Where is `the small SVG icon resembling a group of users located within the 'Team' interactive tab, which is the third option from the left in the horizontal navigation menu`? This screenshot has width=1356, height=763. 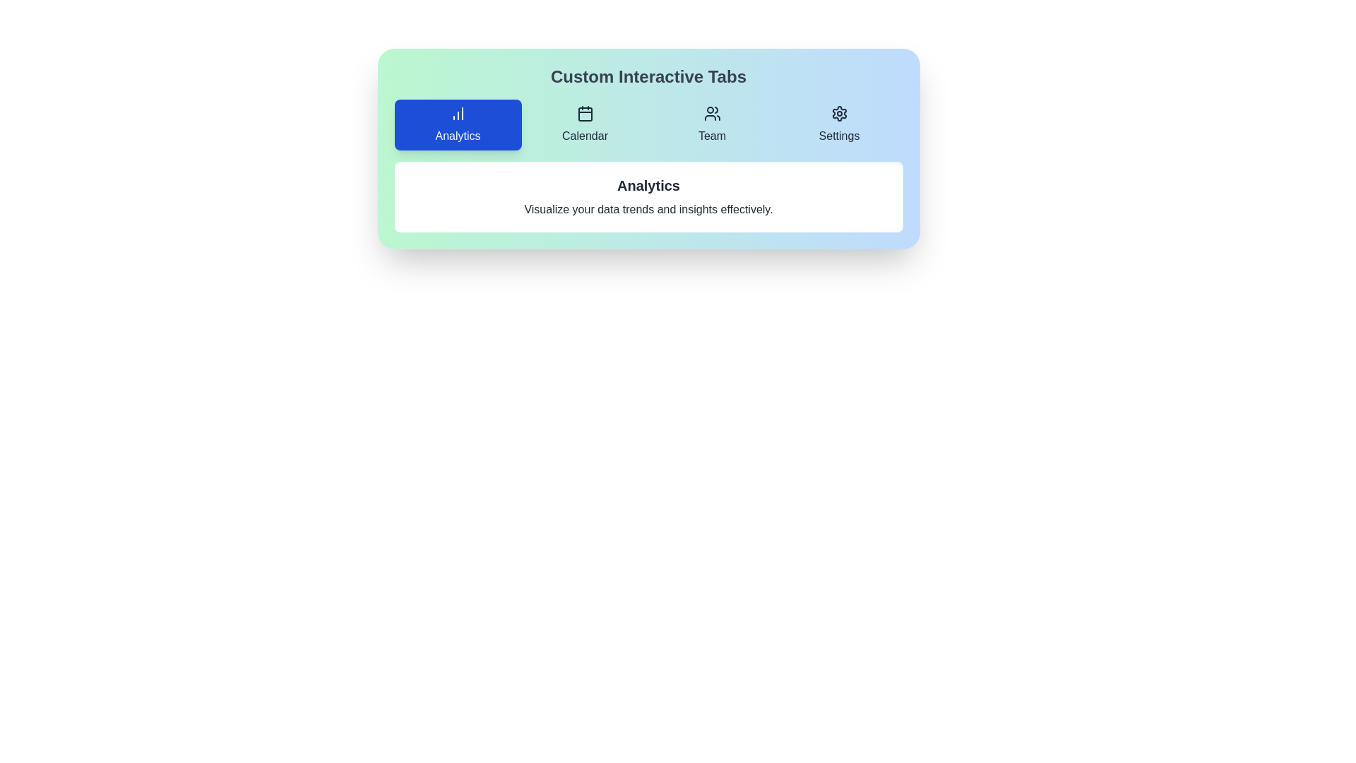 the small SVG icon resembling a group of users located within the 'Team' interactive tab, which is the third option from the left in the horizontal navigation menu is located at coordinates (712, 113).